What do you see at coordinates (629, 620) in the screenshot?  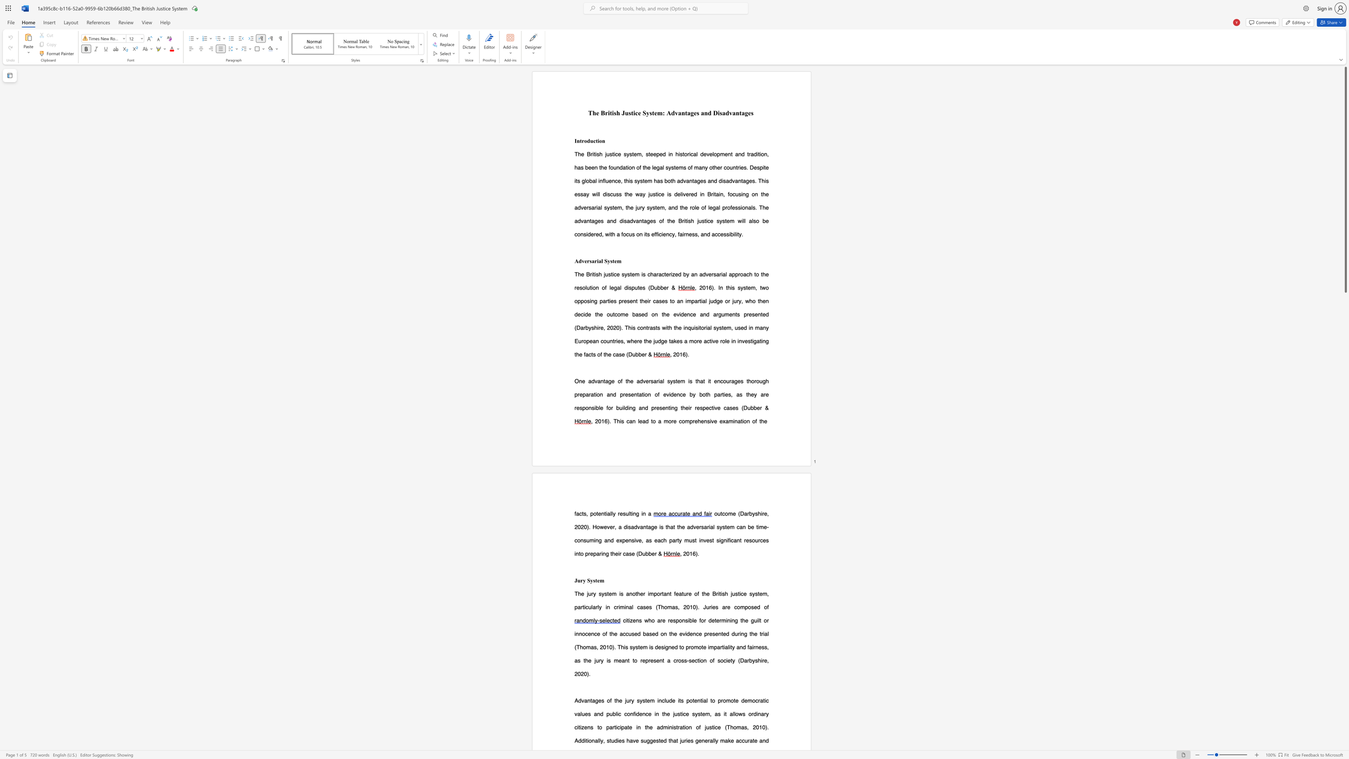 I see `the 2th character "i" in the text` at bounding box center [629, 620].